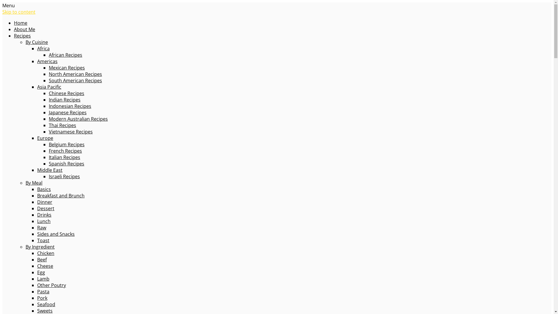  What do you see at coordinates (19, 12) in the screenshot?
I see `'Skip to content'` at bounding box center [19, 12].